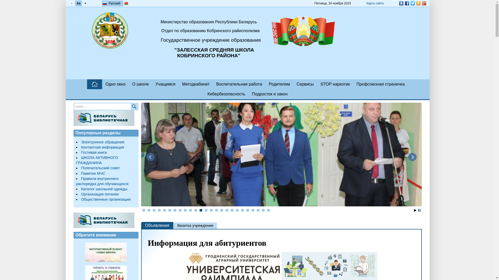 This screenshot has width=499, height=280. Describe the element at coordinates (268, 210) in the screenshot. I see `'25'` at that location.